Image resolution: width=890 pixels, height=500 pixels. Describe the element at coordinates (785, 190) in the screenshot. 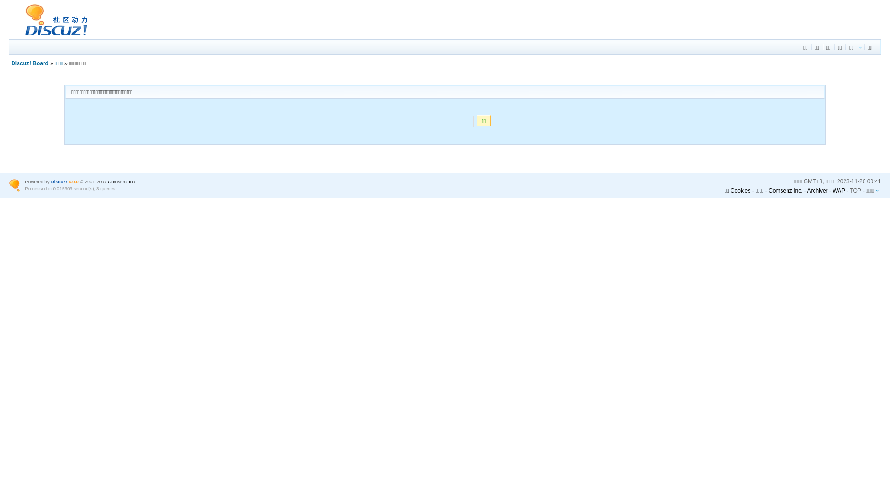

I see `'Comsenz Inc.'` at that location.